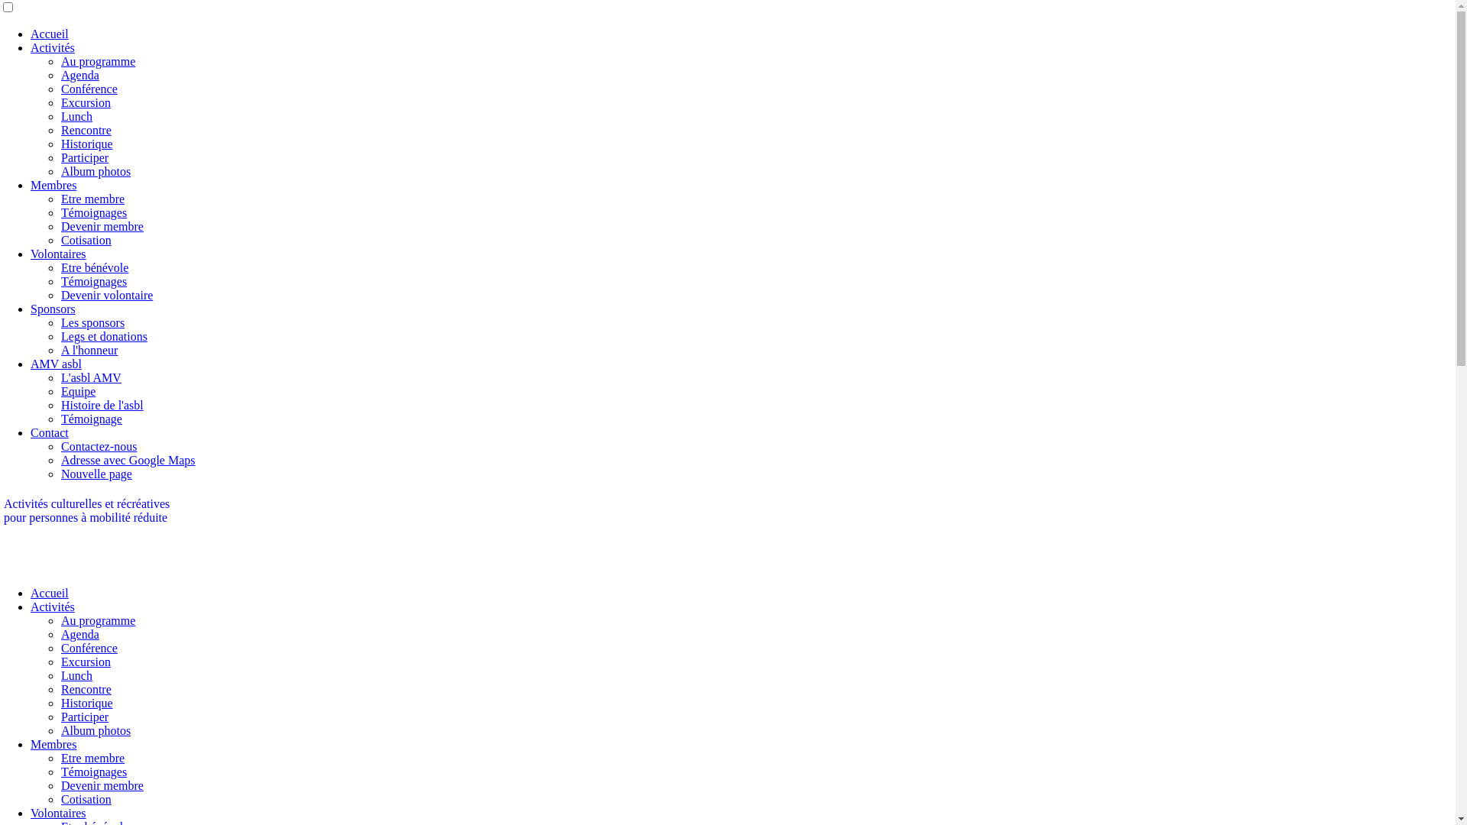 This screenshot has height=825, width=1467. I want to click on 'Agenda', so click(61, 634).